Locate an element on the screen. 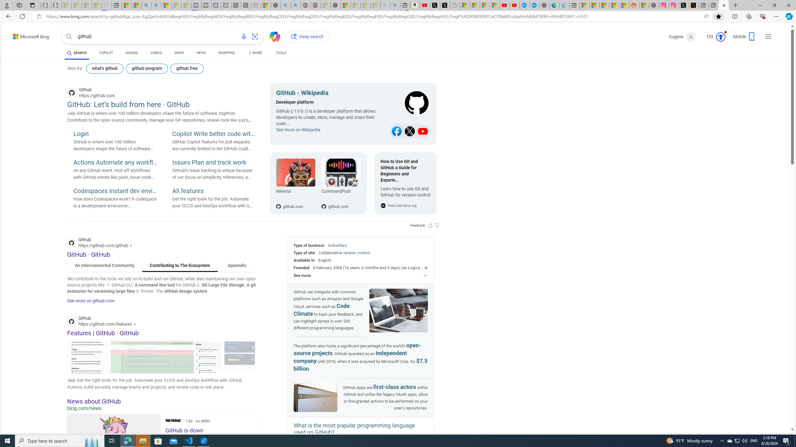 The height and width of the screenshot is (447, 796). 'Newsletter Sign Up - Sleeping' is located at coordinates (56, 5).